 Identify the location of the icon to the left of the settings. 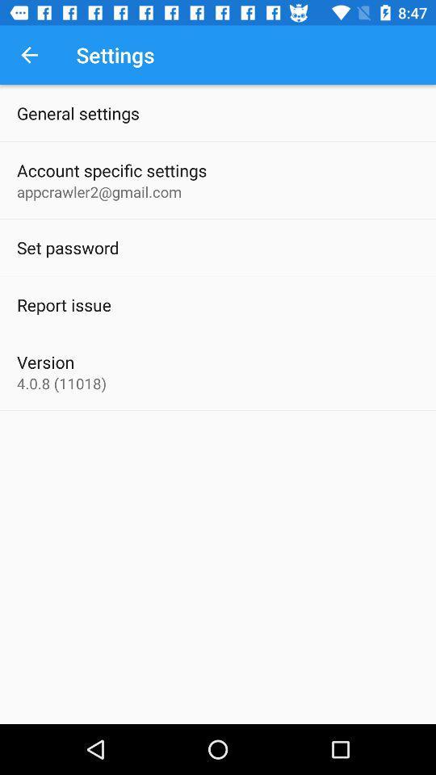
(29, 55).